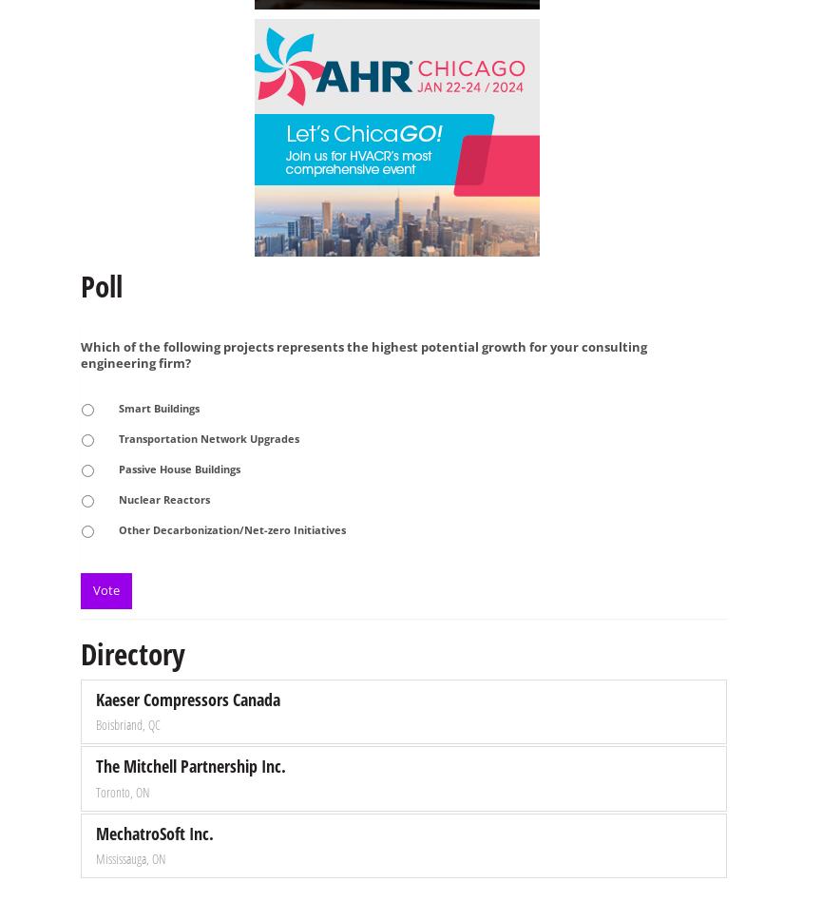 This screenshot has width=822, height=901. Describe the element at coordinates (231, 529) in the screenshot. I see `'Other Decarbonization/Net-zero Initiatives'` at that location.